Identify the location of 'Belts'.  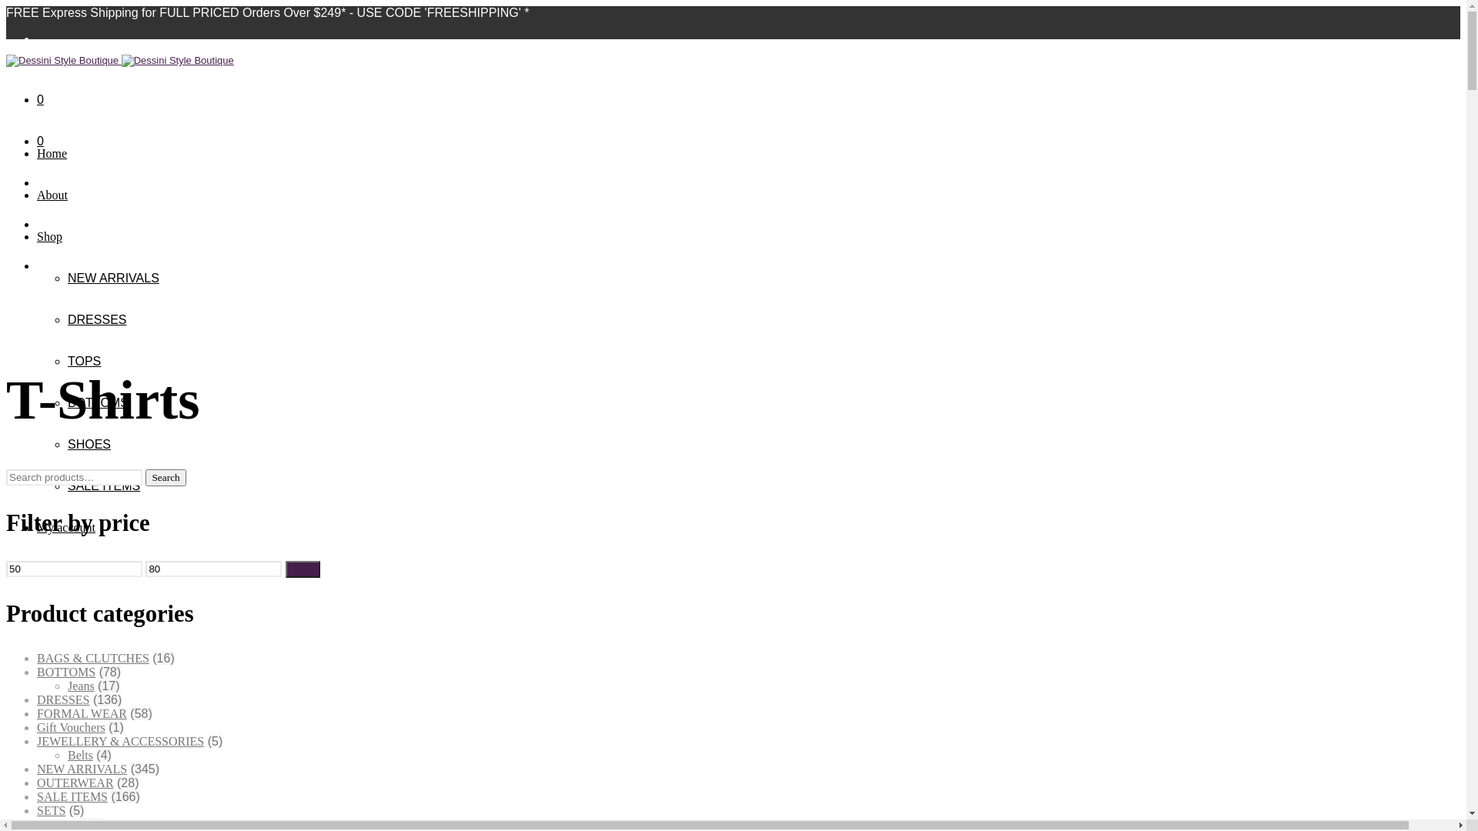
(79, 754).